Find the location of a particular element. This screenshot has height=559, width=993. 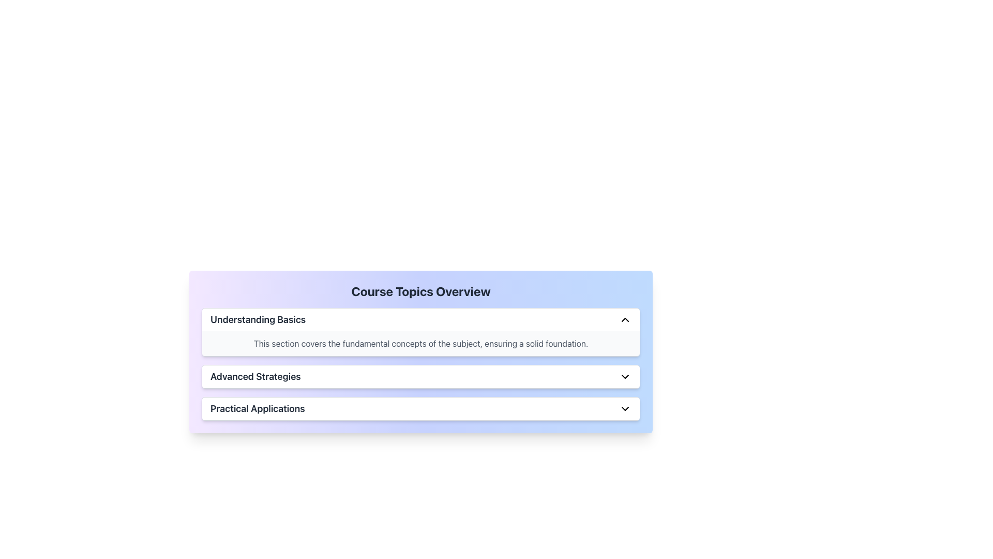

the 'Understanding Basics' button, which is the first item in the 'Course Topics Overview' section is located at coordinates (421, 319).